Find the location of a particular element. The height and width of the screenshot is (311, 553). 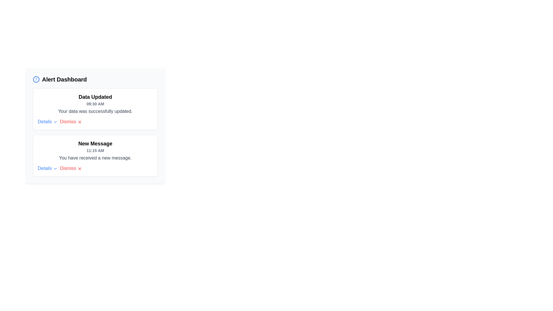

the Chevron icon located at the right side of the 'Details' button, which indicates collapsibility or expandability for additional information is located at coordinates (55, 122).